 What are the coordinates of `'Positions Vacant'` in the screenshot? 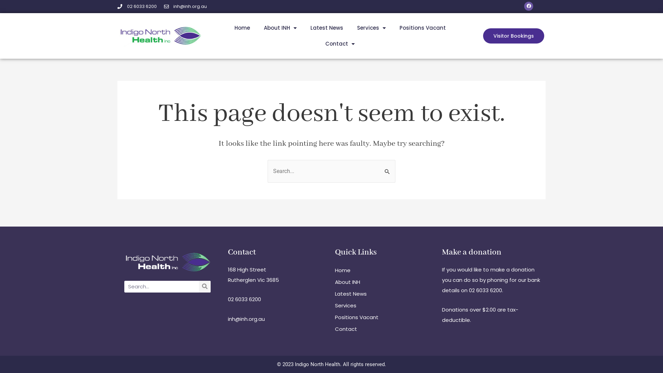 It's located at (384, 317).